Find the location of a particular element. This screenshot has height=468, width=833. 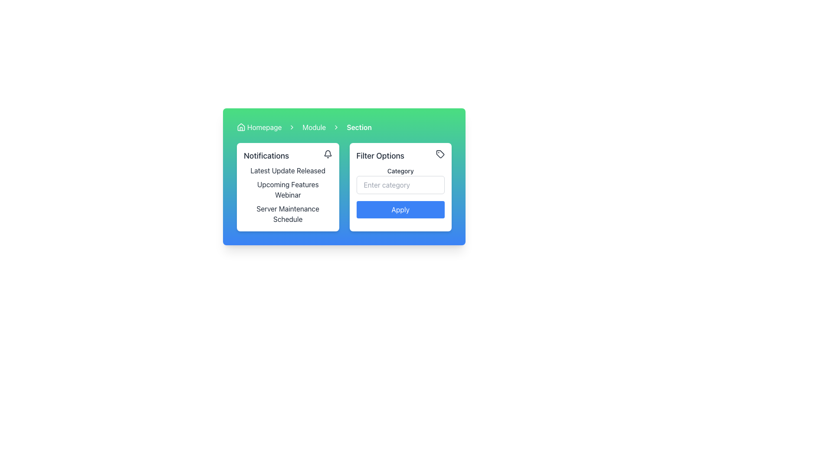

the button located in the 'Filter Options' section, below the category input box, to observe the color change is located at coordinates (400, 209).